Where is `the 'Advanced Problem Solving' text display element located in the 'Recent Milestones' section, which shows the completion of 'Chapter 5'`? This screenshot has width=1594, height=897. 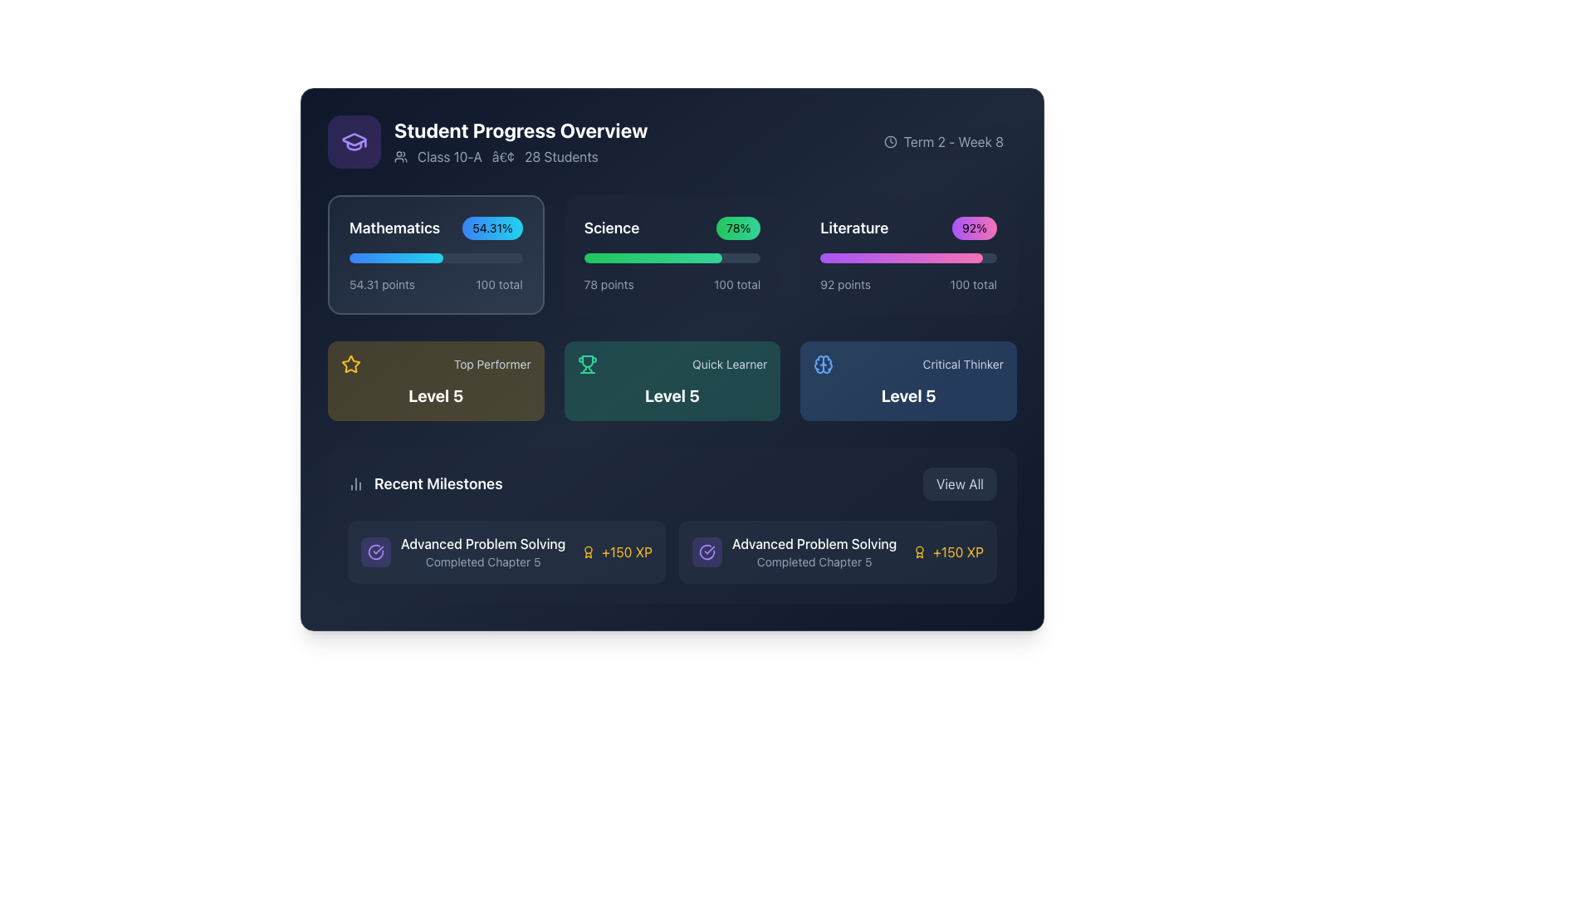 the 'Advanced Problem Solving' text display element located in the 'Recent Milestones' section, which shows the completion of 'Chapter 5' is located at coordinates (482, 551).